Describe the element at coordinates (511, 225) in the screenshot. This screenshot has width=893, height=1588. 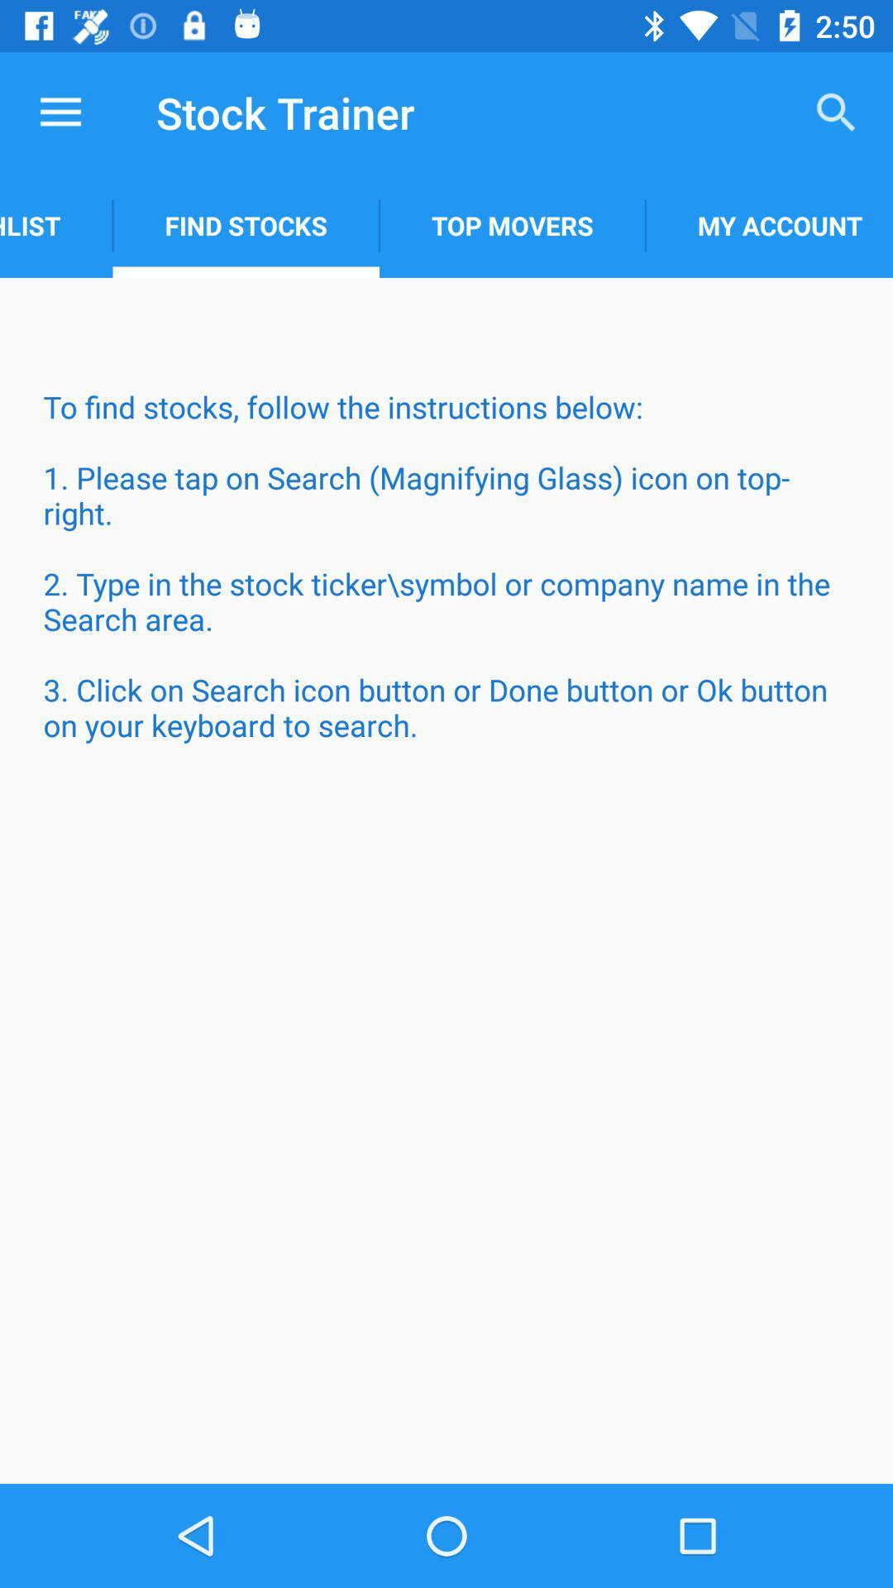
I see `the top movers app` at that location.